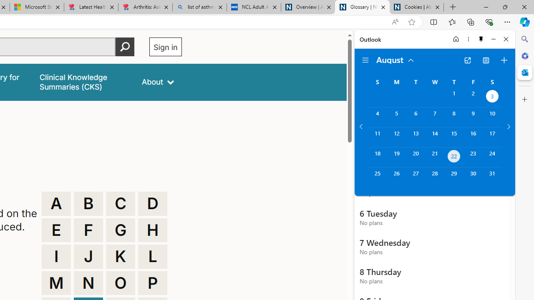  Describe the element at coordinates (377, 137) in the screenshot. I see `'Sunday, August 11, 2024. '` at that location.